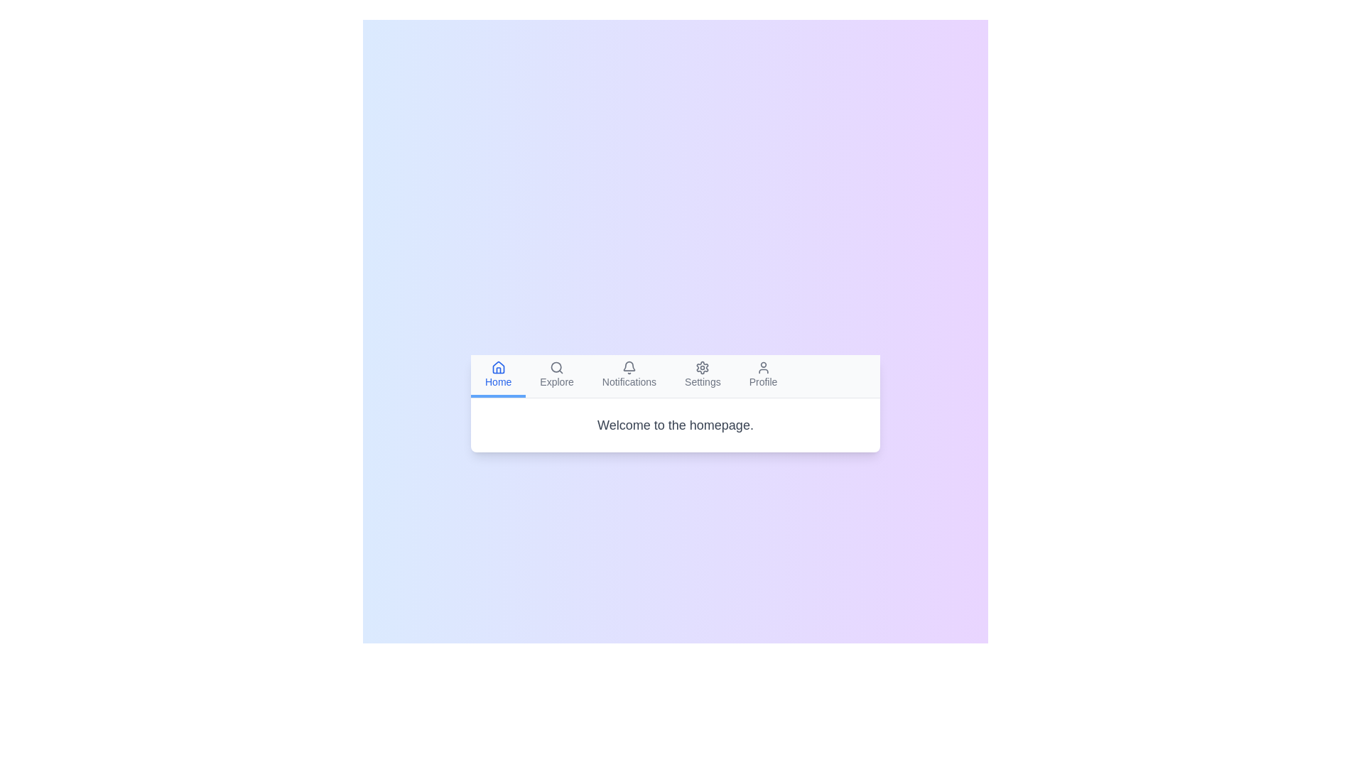 The width and height of the screenshot is (1364, 767). I want to click on the tab labeled Notifications to inspect its content, so click(629, 374).